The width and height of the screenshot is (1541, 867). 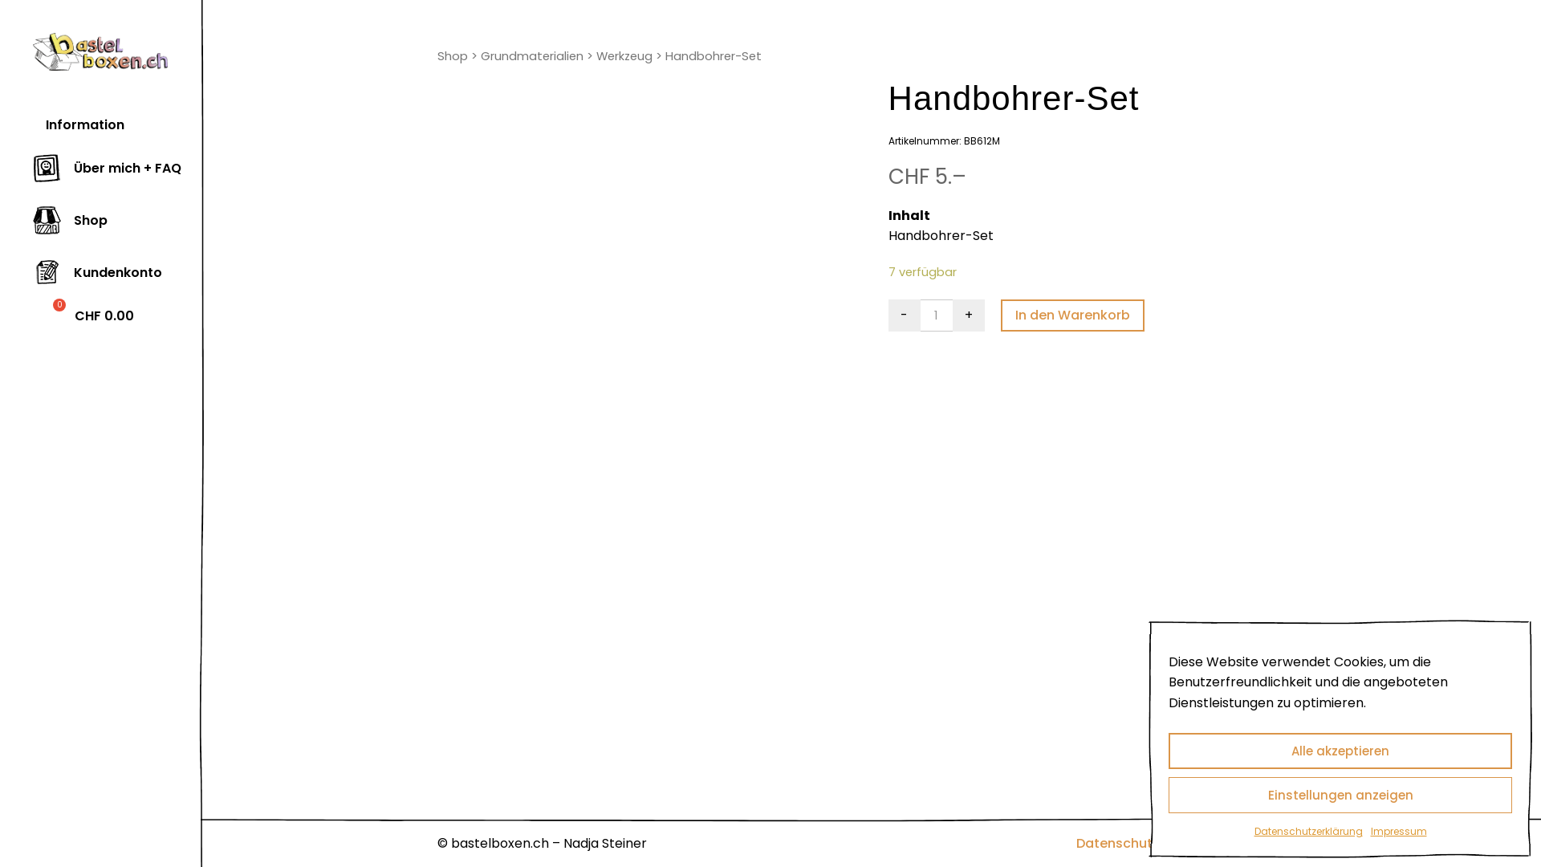 I want to click on 'Werkzeug', so click(x=596, y=55).